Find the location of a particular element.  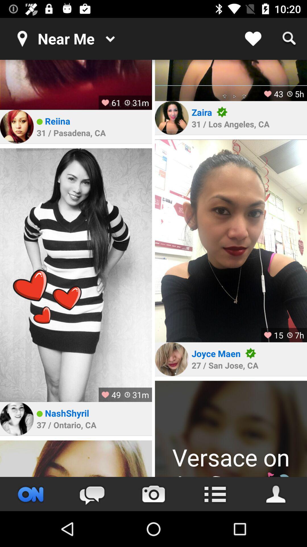

profile image select is located at coordinates (76, 84).